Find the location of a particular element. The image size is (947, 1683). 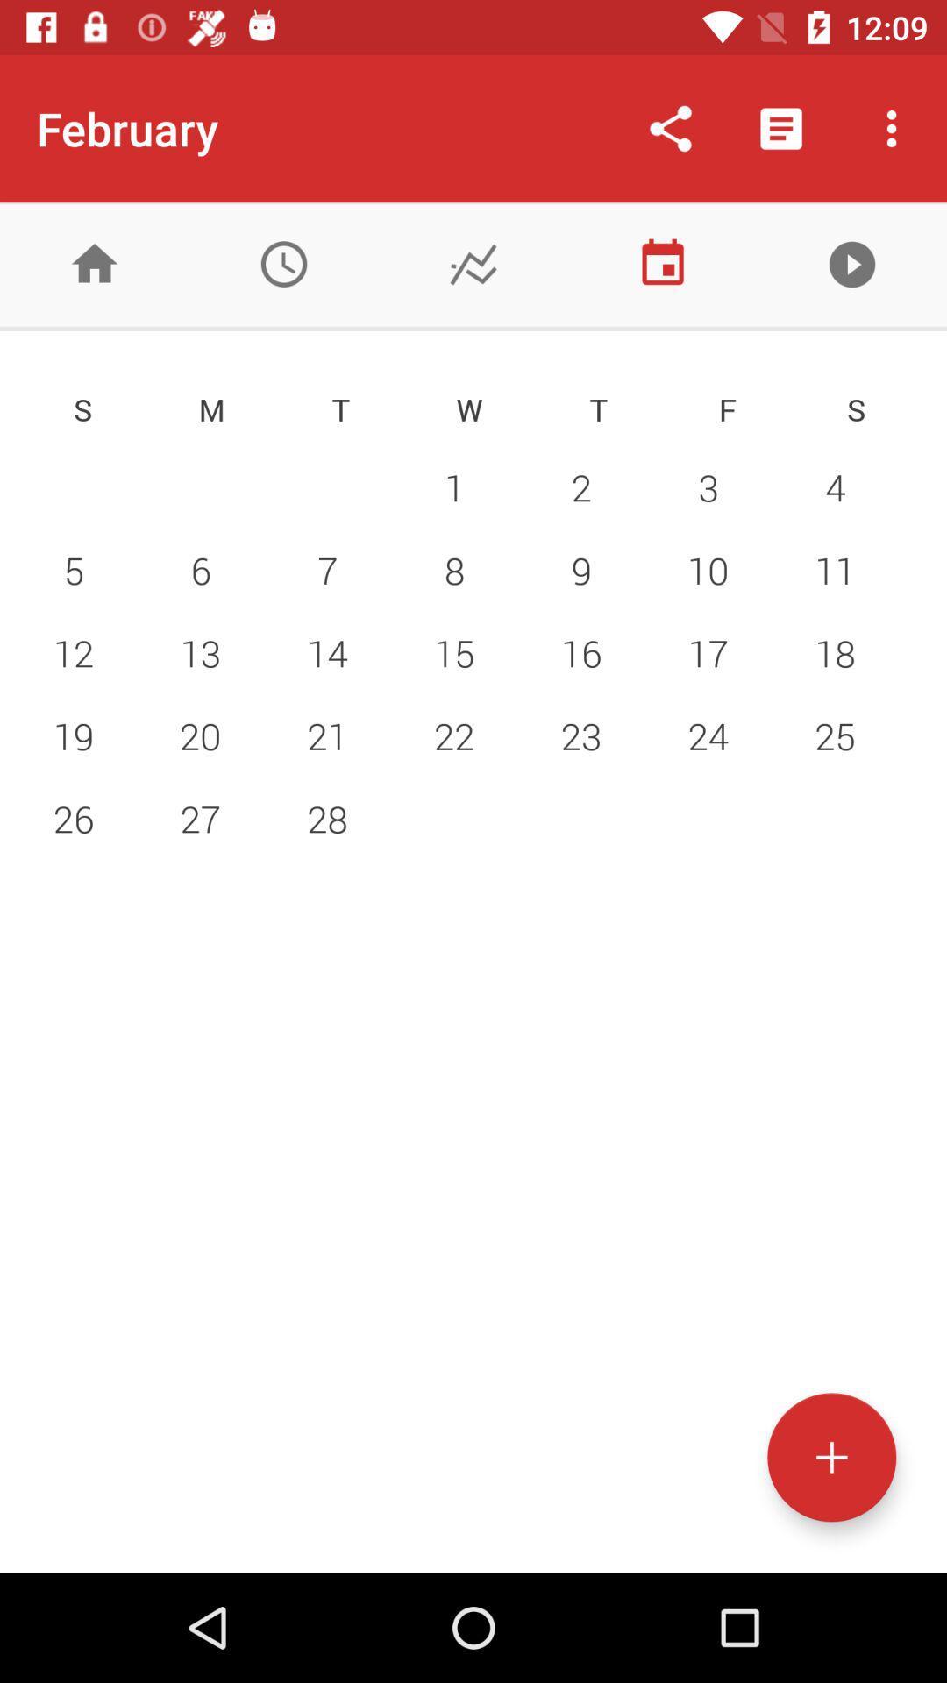

the time is located at coordinates (283, 263).